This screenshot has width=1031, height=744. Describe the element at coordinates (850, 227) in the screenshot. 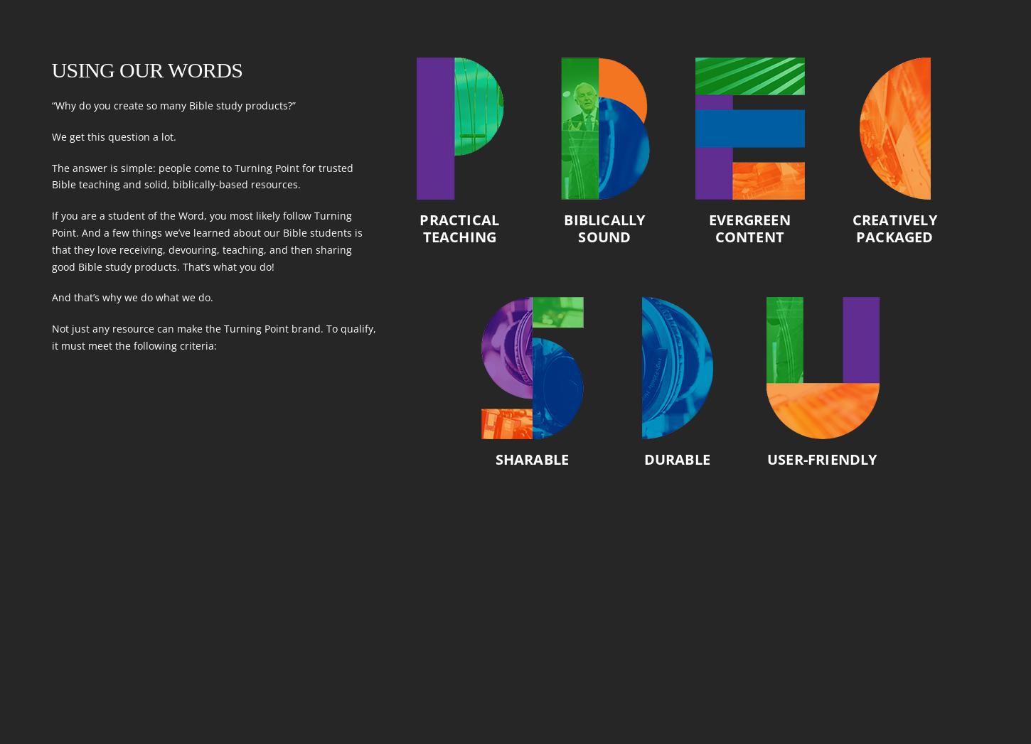

I see `'Creatively Packaged'` at that location.